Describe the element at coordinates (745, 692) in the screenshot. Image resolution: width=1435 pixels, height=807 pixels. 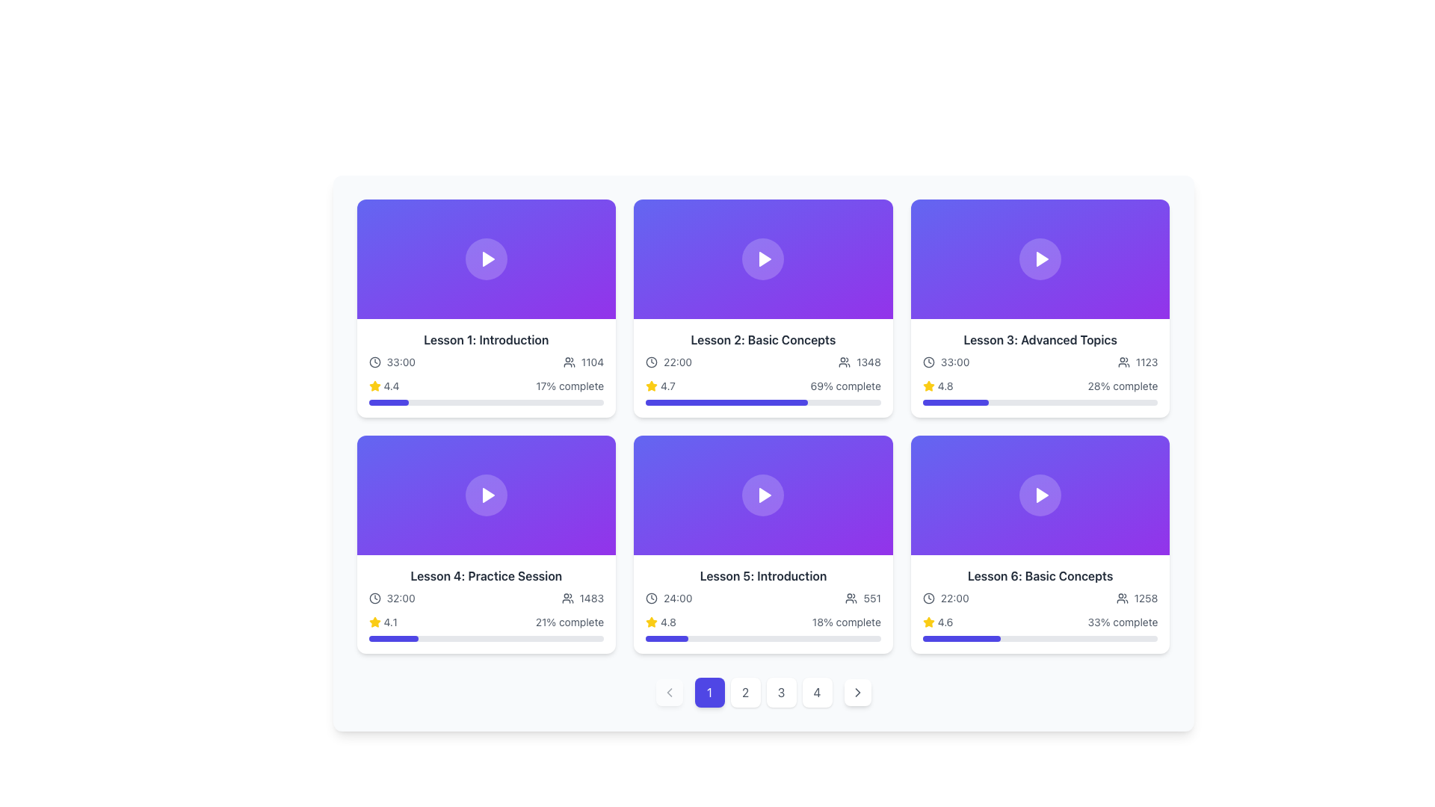
I see `the navigation button labeled '2', which is a small square button with rounded corners, gray font, and a white background` at that location.